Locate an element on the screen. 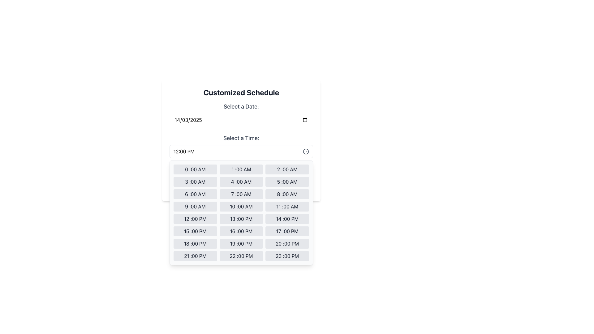 Image resolution: width=594 pixels, height=334 pixels. the time selection button representing '10:00 AM' in the fourth row and second column of the grid is located at coordinates (241, 206).